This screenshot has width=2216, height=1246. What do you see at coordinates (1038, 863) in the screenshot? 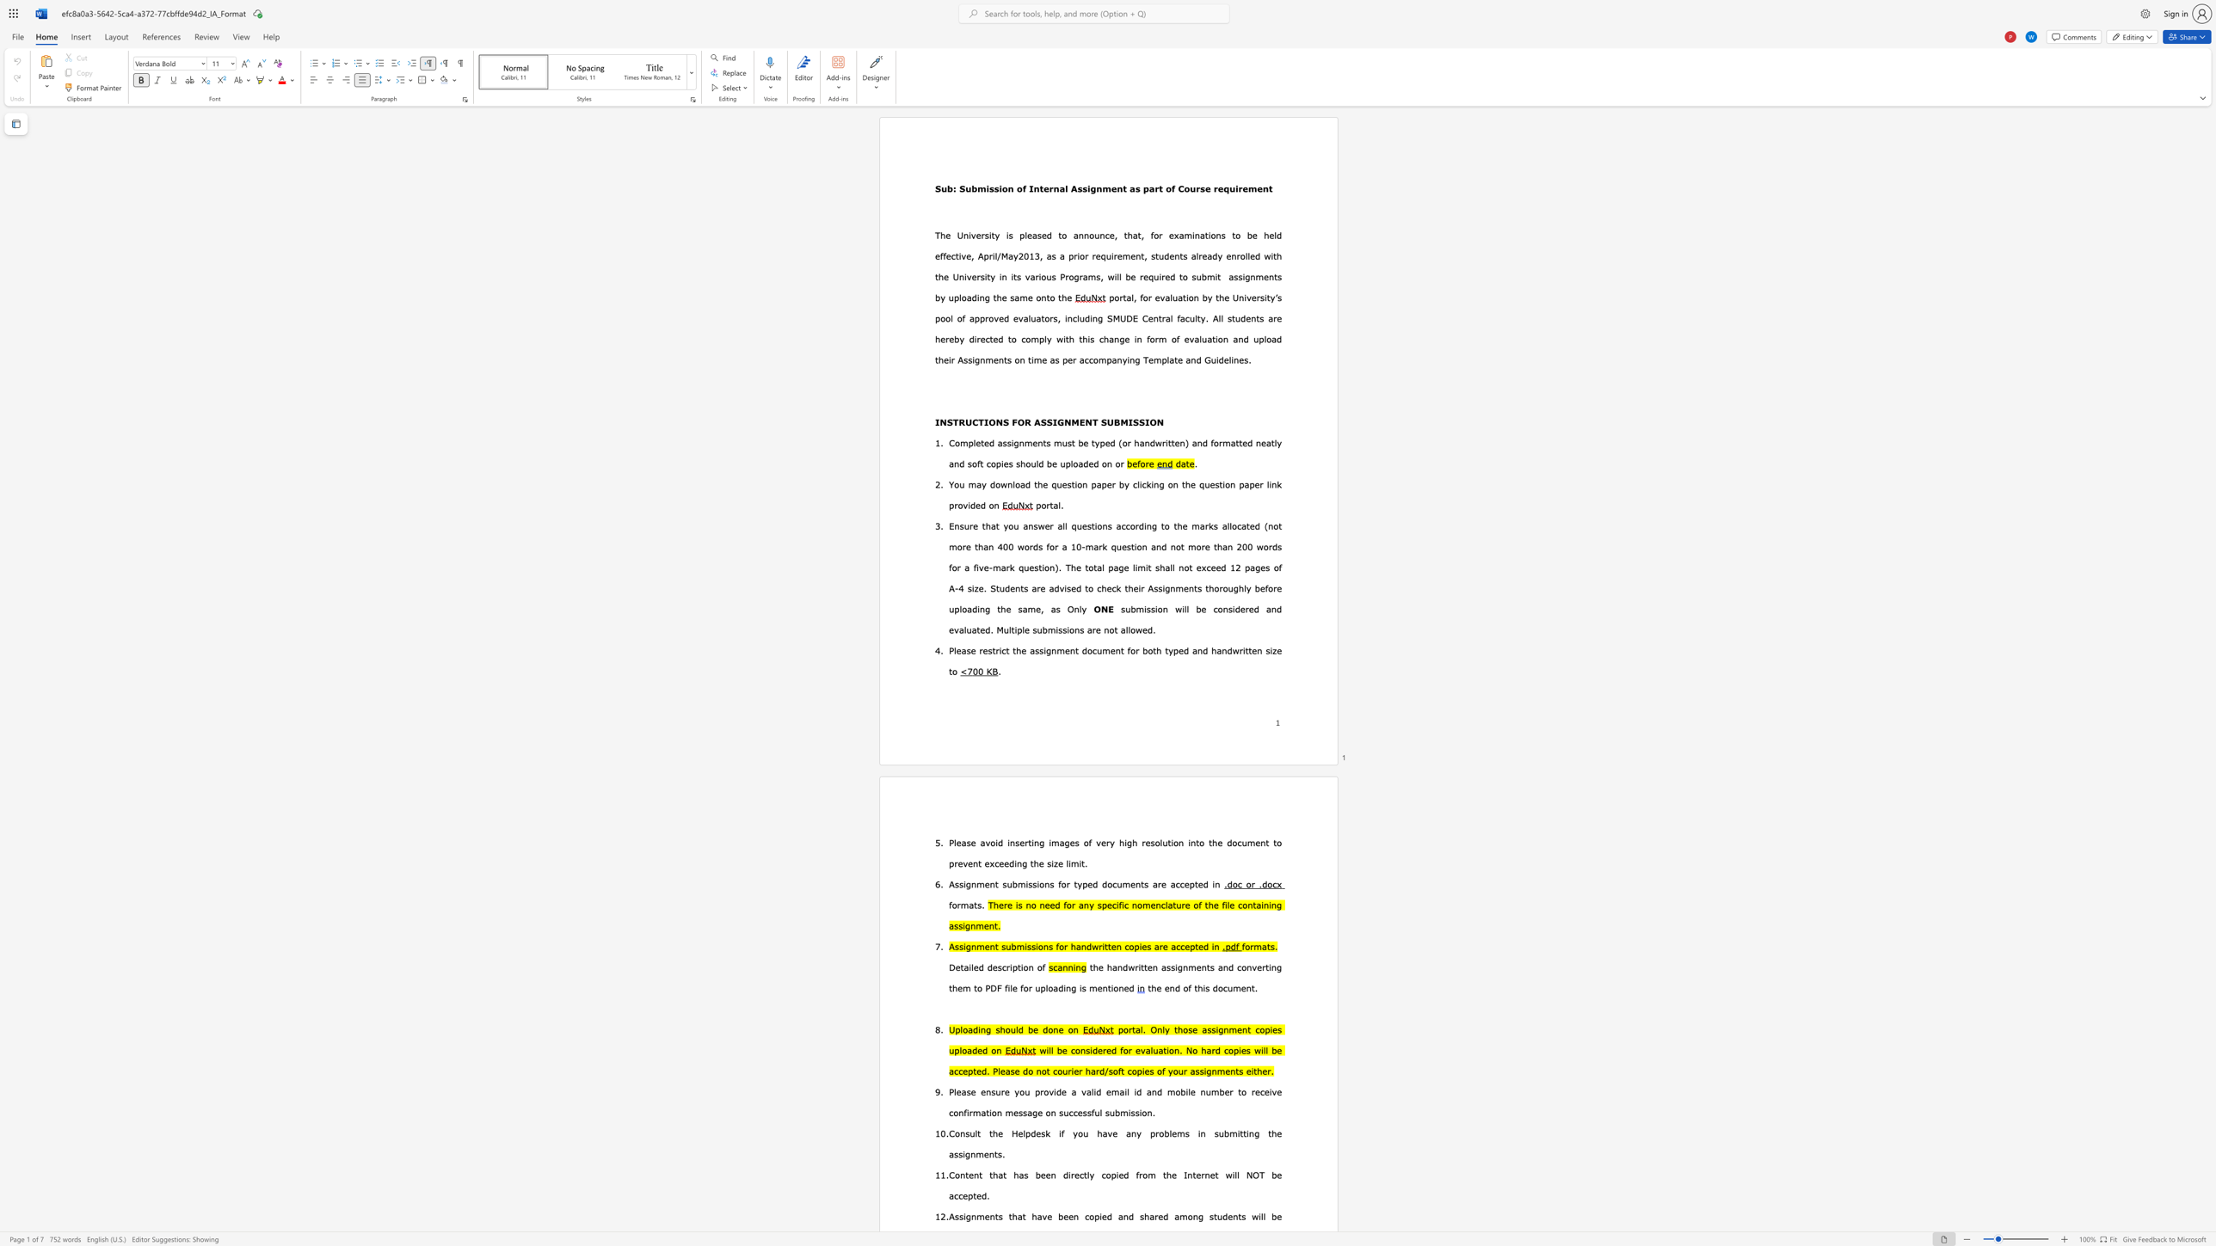
I see `the subset text "e size" within the text "the size limit."` at bounding box center [1038, 863].